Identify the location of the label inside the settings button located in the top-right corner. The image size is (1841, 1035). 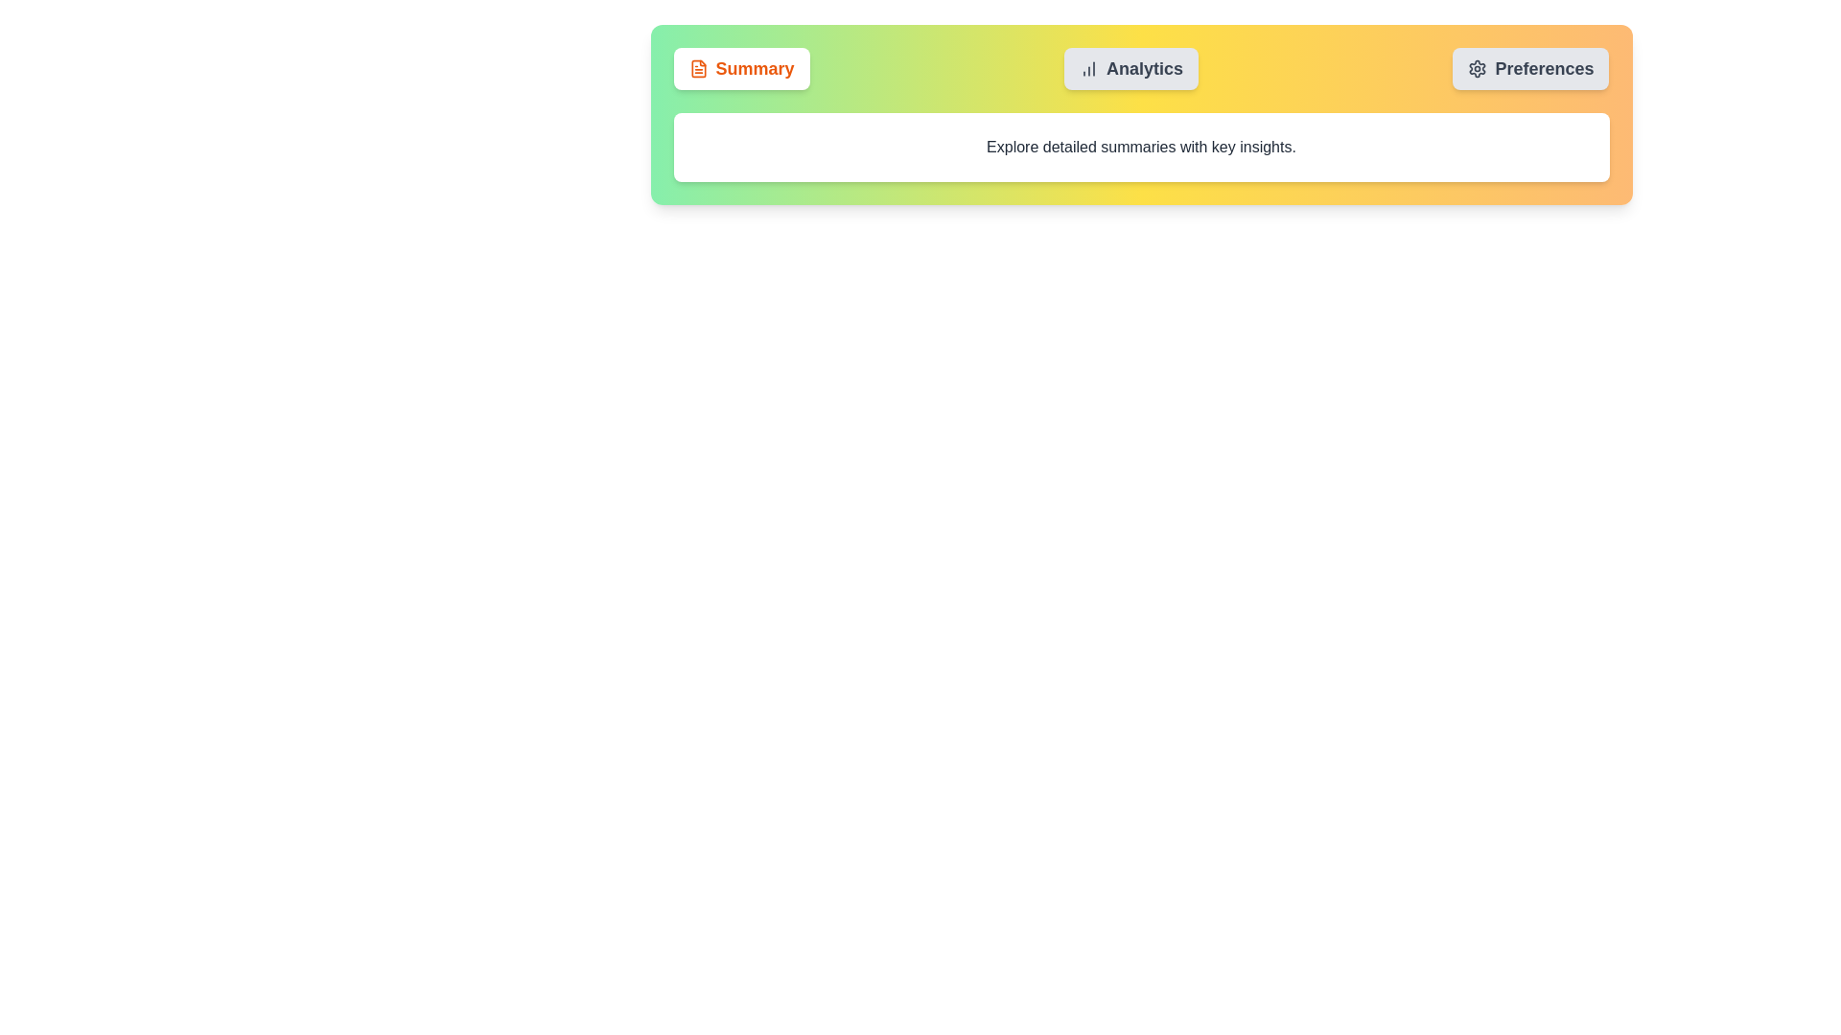
(1543, 68).